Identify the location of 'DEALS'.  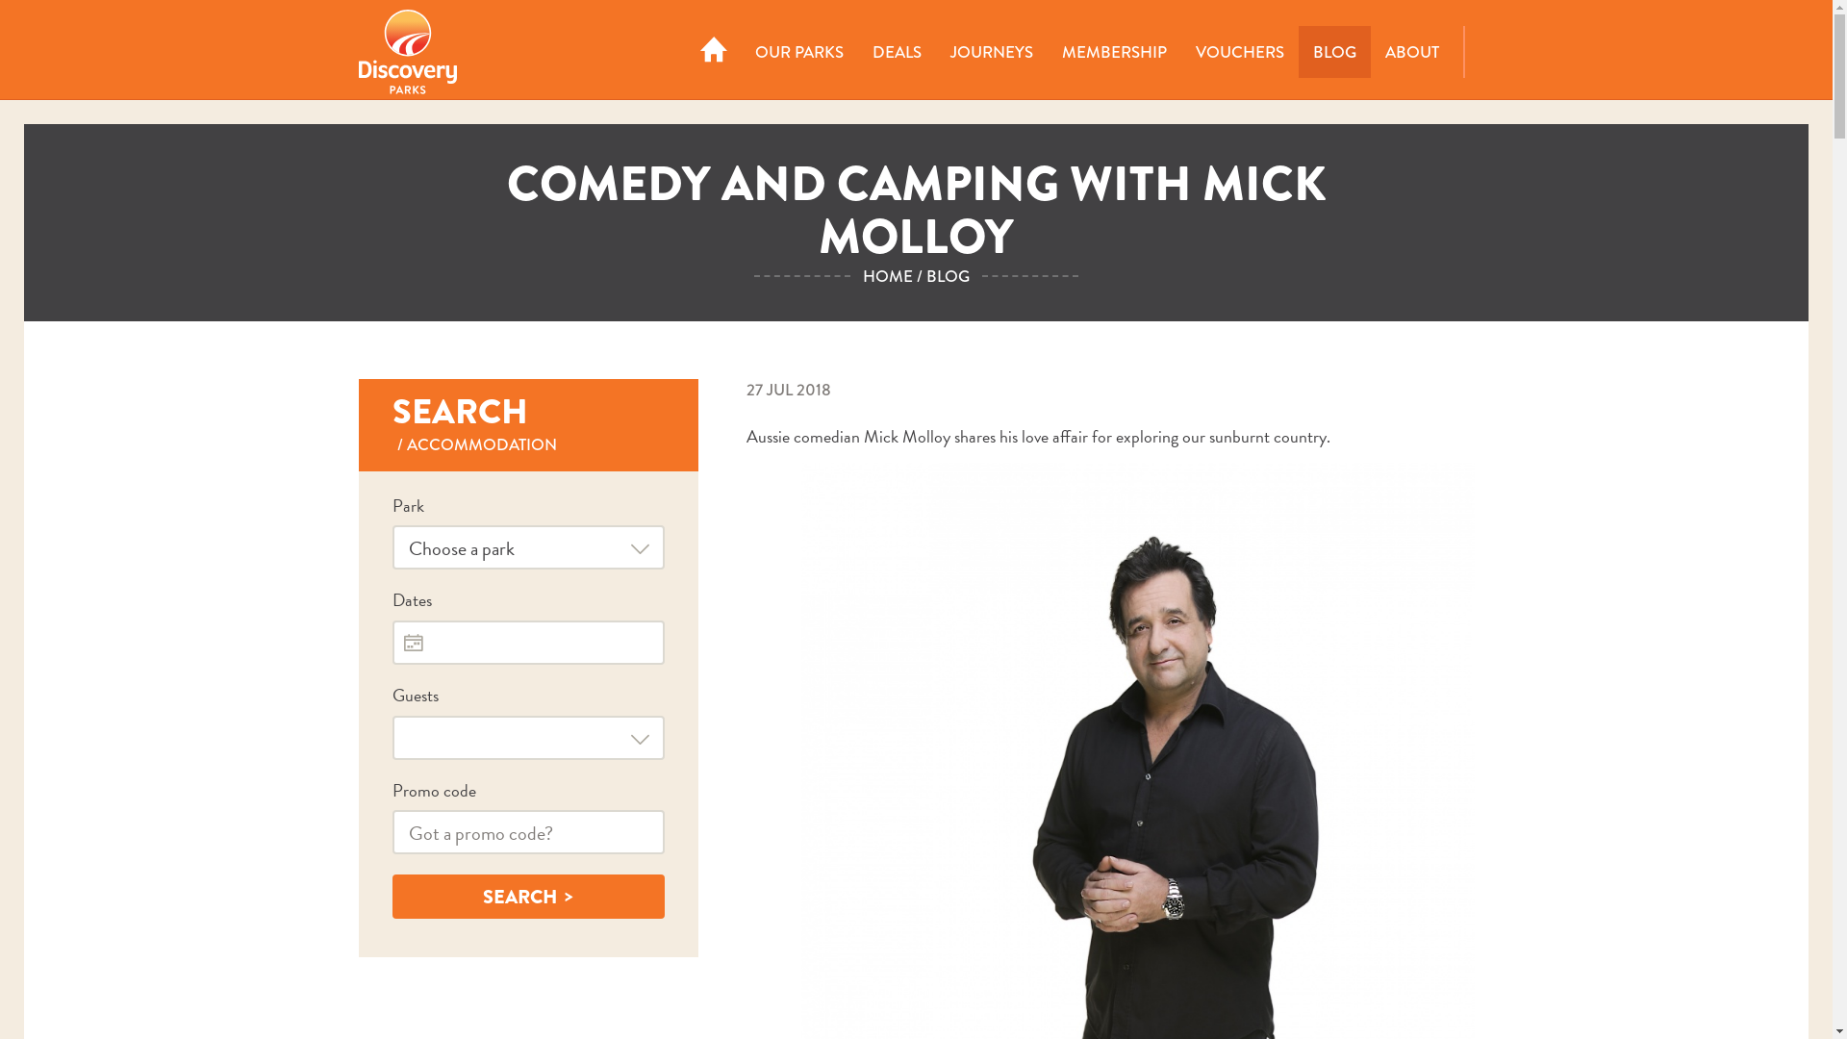
(896, 51).